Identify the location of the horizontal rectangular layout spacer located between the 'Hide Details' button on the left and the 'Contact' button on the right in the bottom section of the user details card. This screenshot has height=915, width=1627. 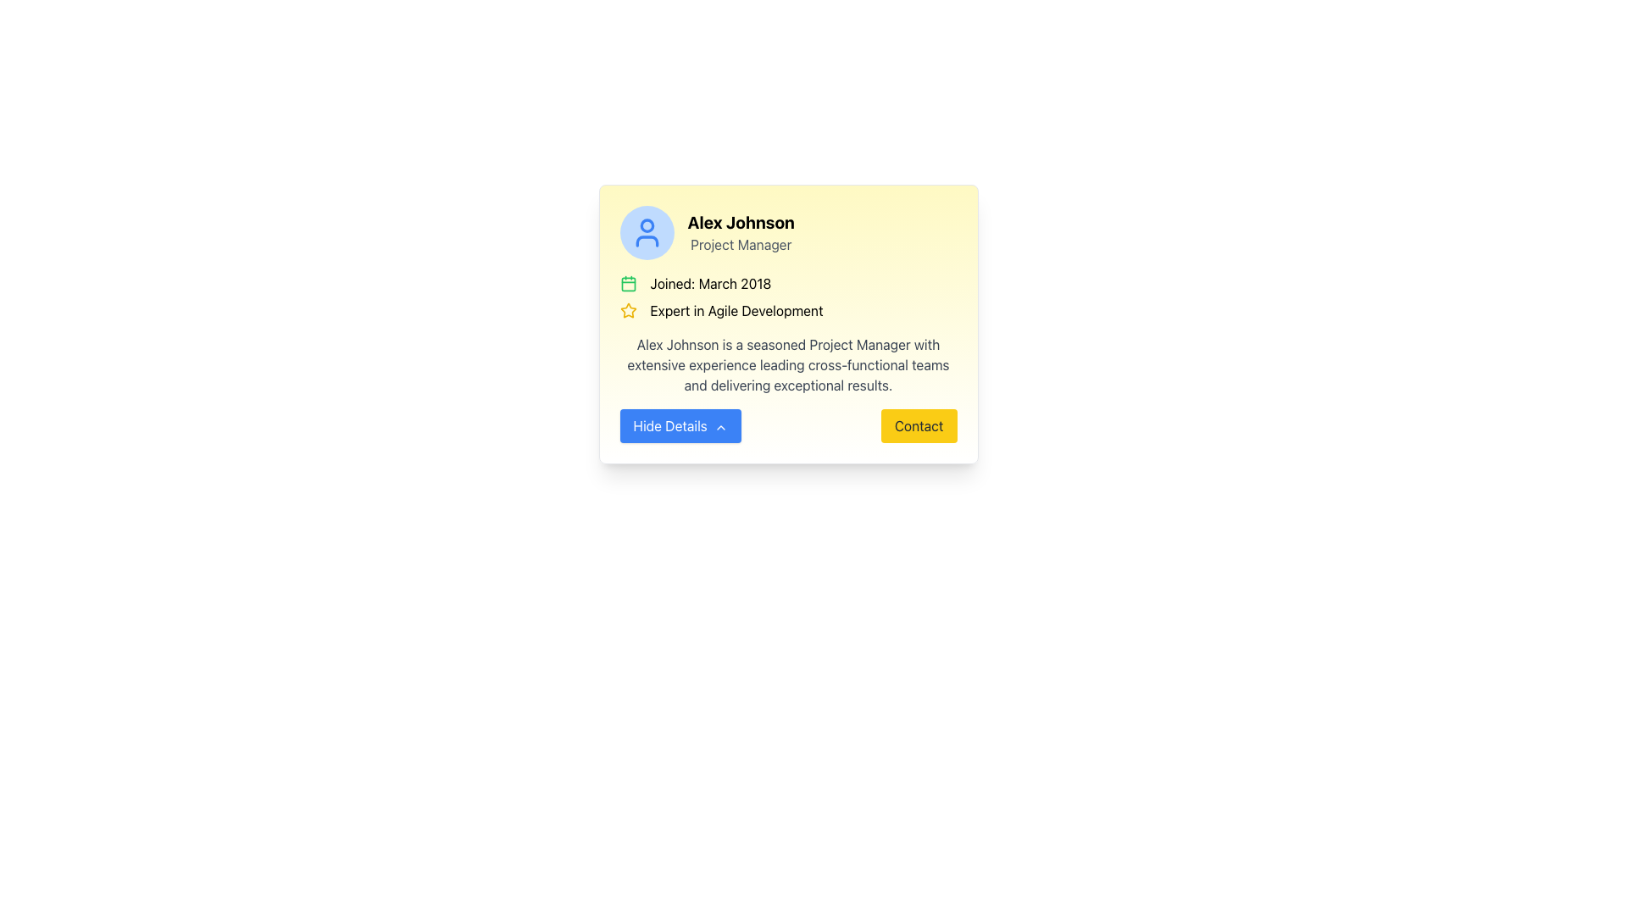
(787, 424).